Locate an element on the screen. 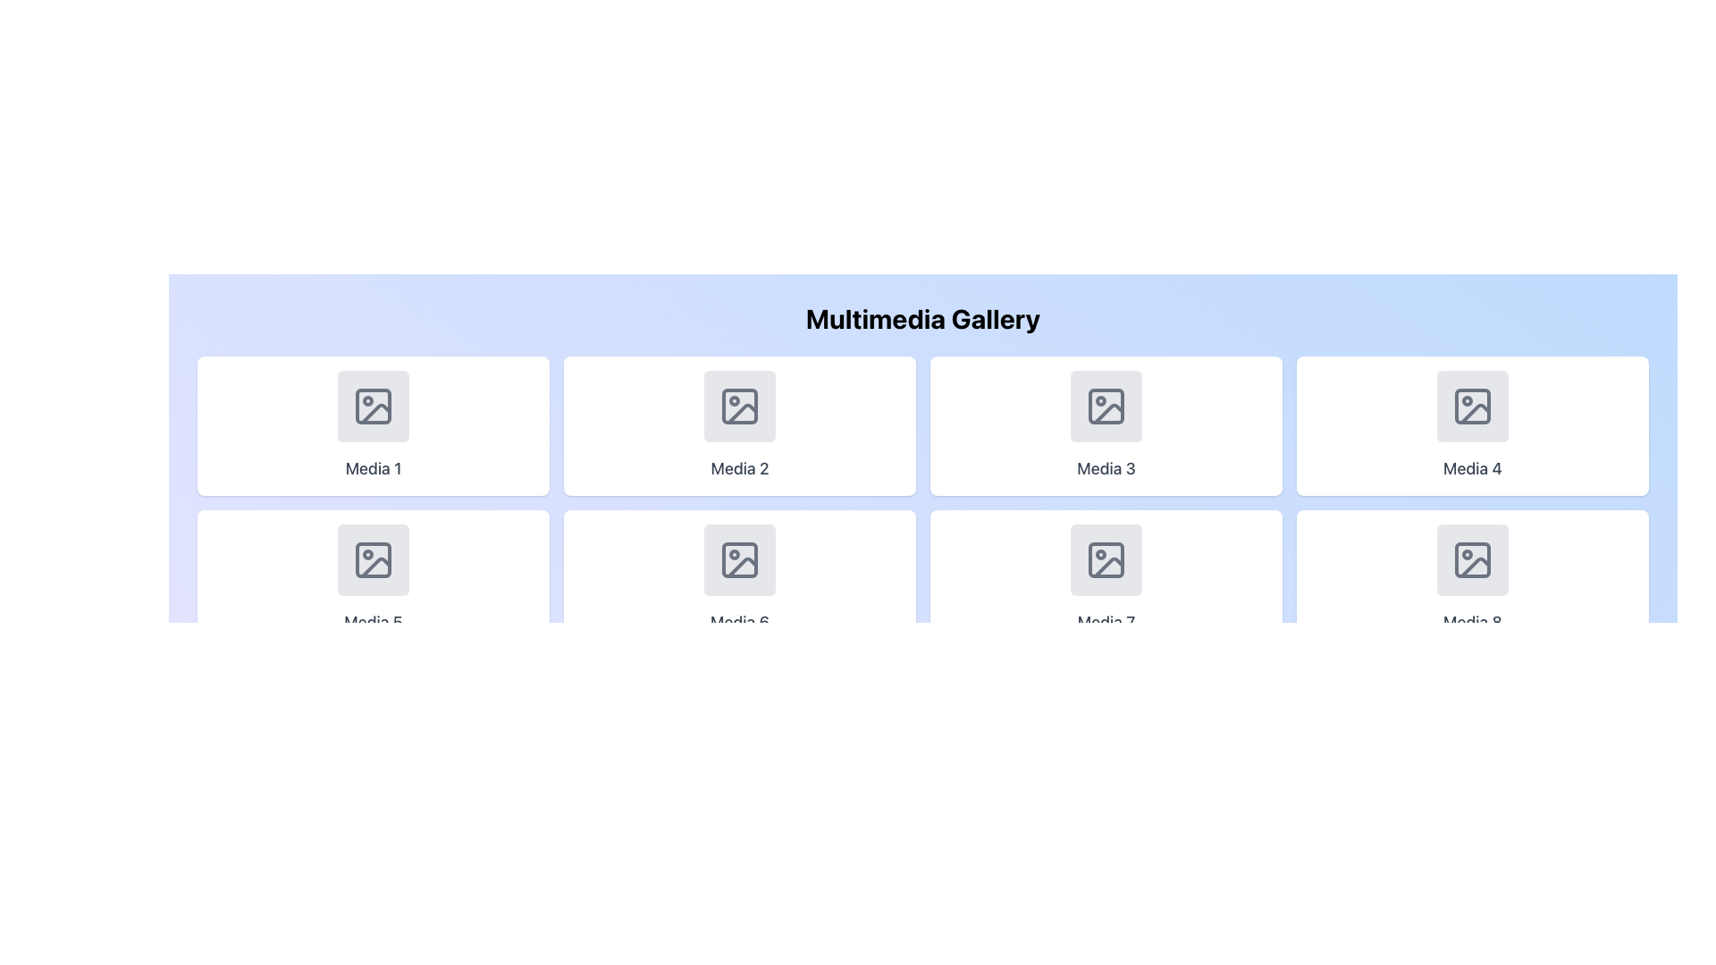 The height and width of the screenshot is (965, 1716). the 'Media 1' text label located in the first tile of the grid layout, which serves as a descriptive identifier for the associated media item is located at coordinates (372, 467).